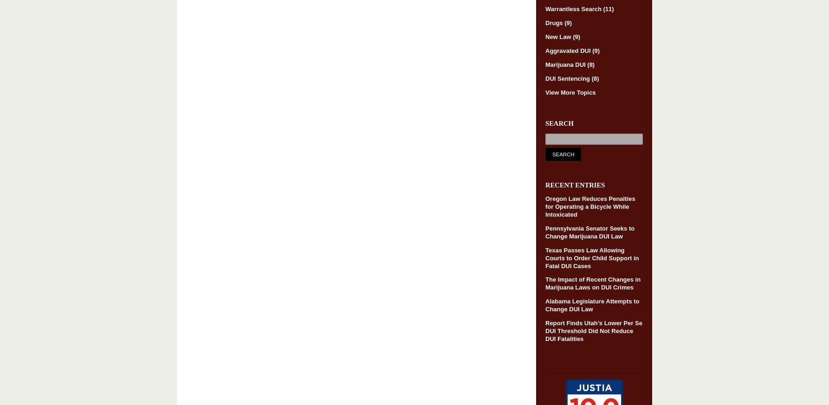  I want to click on 'Oregon Law Reduces Penalties for Operating a Bicycle While Intoxicated', so click(590, 206).